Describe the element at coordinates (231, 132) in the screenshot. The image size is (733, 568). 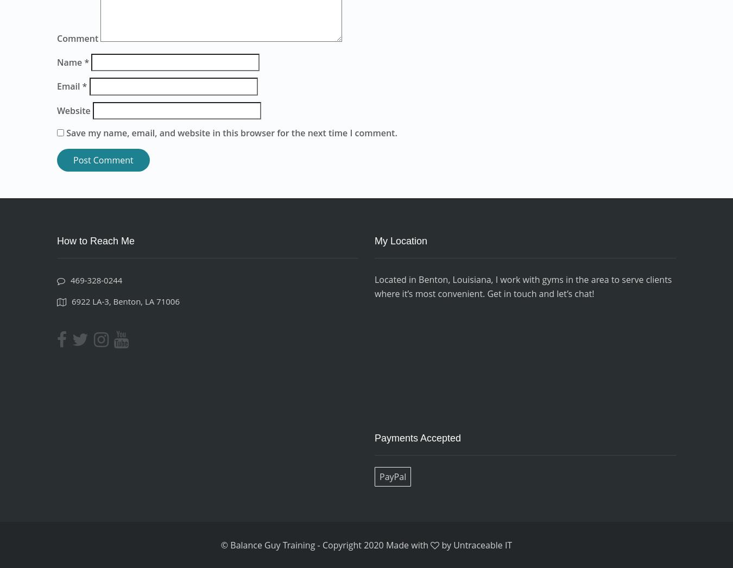
I see `'Save my name, email, and website in this browser for the next time I comment.'` at that location.